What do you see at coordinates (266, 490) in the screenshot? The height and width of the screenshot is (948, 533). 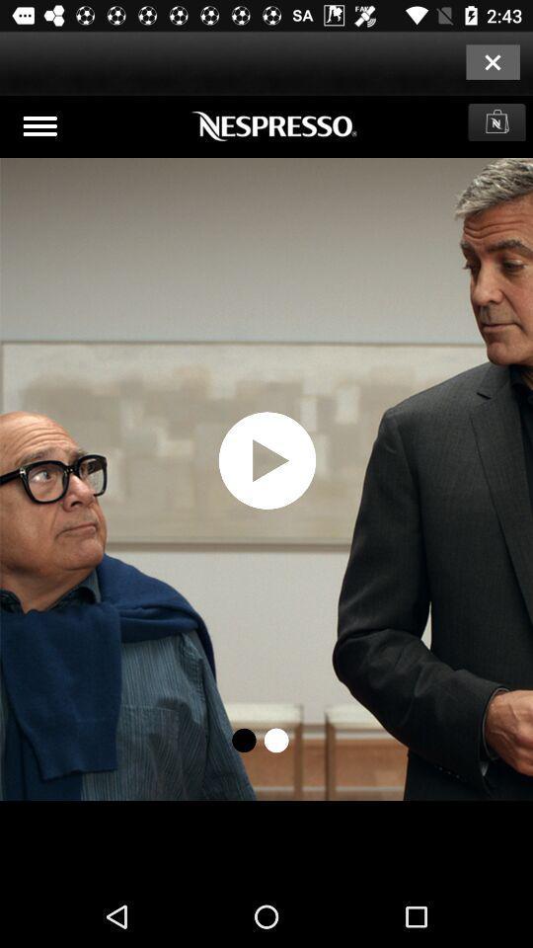 I see `video` at bounding box center [266, 490].